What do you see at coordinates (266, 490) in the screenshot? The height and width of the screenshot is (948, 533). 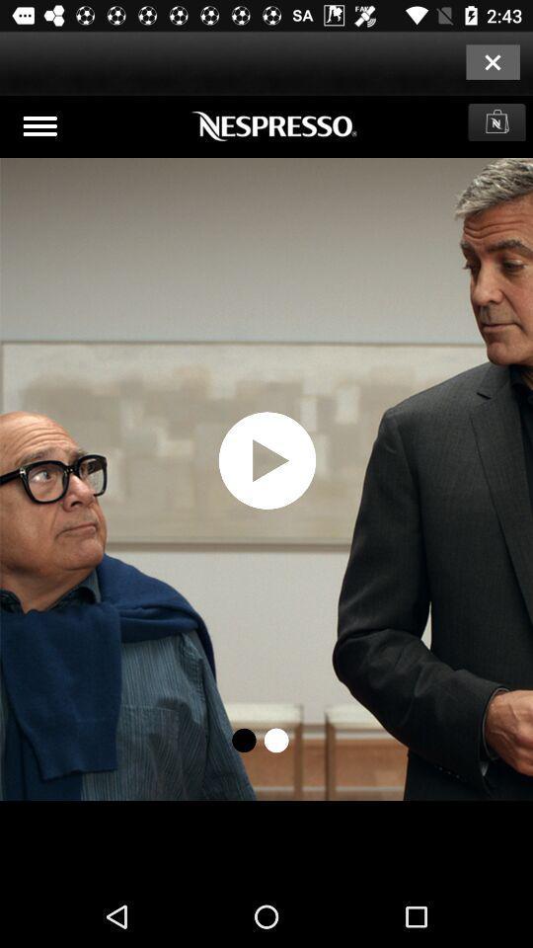 I see `video` at bounding box center [266, 490].